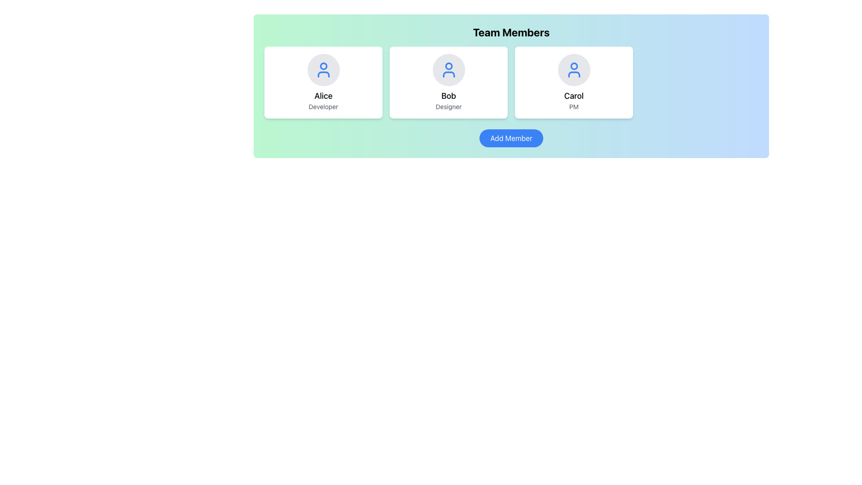 This screenshot has width=862, height=485. I want to click on the user profile icon for 'Alice' located in the leftmost card under the 'Team Members' header, so click(323, 69).